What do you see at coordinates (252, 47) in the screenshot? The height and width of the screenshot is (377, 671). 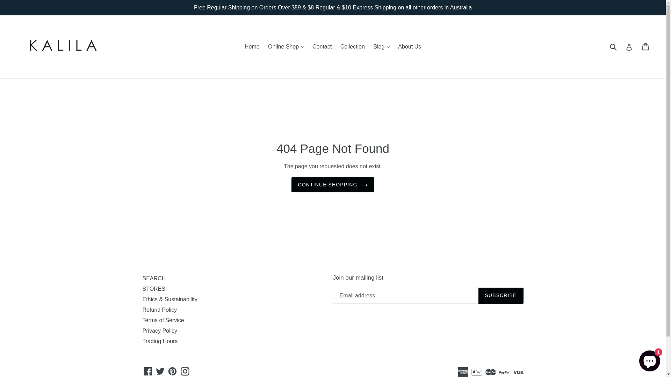 I see `'Home'` at bounding box center [252, 47].